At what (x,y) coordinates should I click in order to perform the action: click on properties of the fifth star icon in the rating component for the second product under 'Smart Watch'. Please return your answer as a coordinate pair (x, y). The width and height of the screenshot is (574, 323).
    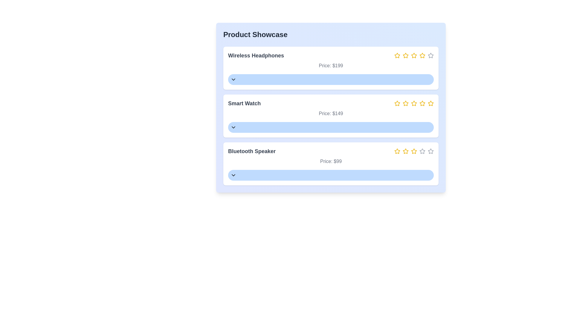
    Looking at the image, I should click on (430, 103).